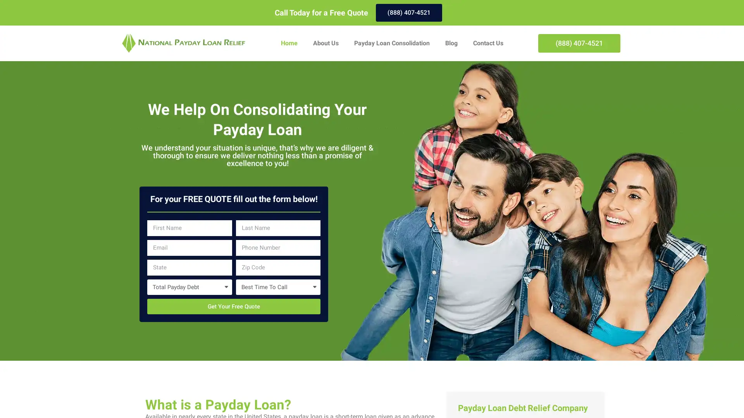 This screenshot has height=418, width=744. I want to click on (888) 407-4521, so click(408, 13).